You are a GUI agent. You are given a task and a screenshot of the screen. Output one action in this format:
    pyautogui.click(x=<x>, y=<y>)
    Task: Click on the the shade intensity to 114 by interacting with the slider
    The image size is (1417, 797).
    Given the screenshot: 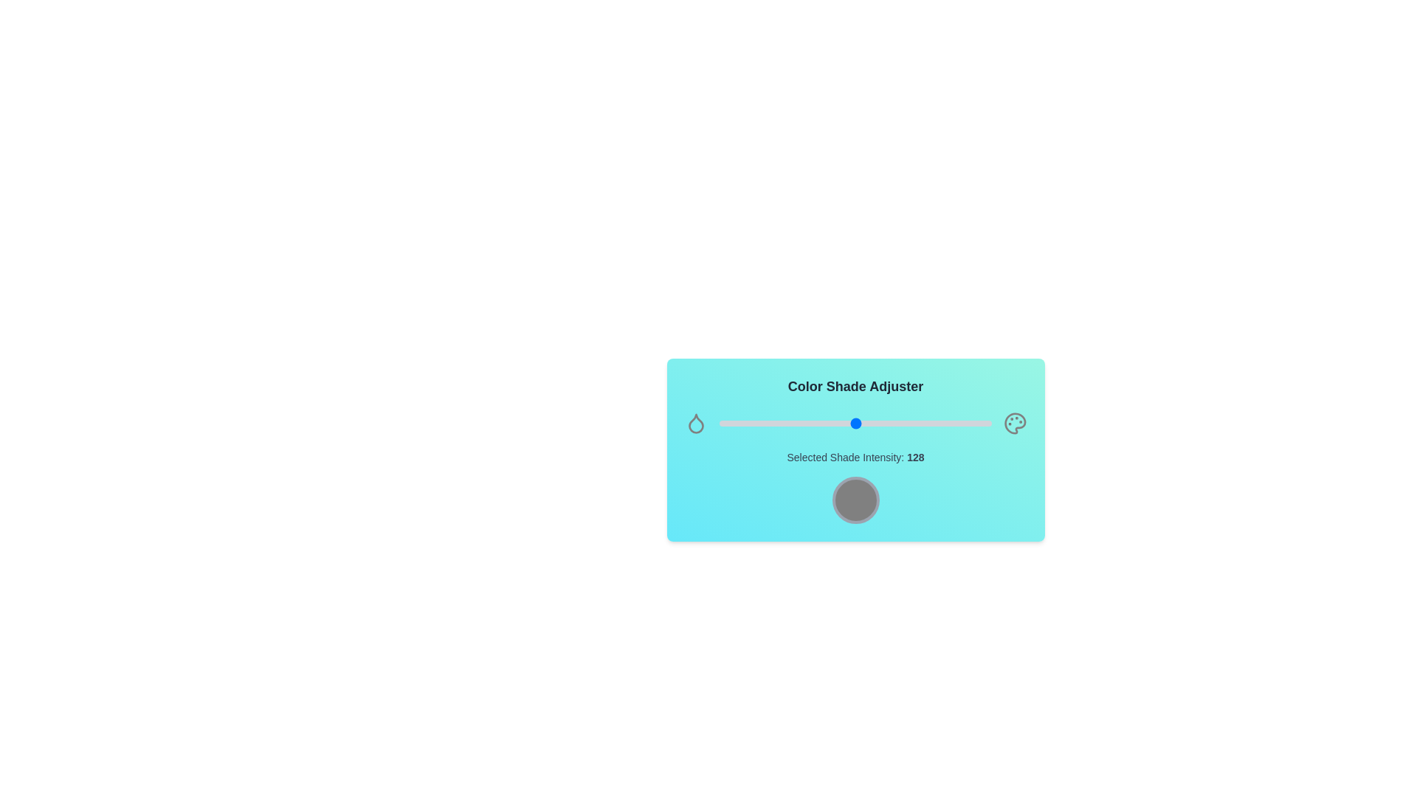 What is the action you would take?
    pyautogui.click(x=841, y=424)
    